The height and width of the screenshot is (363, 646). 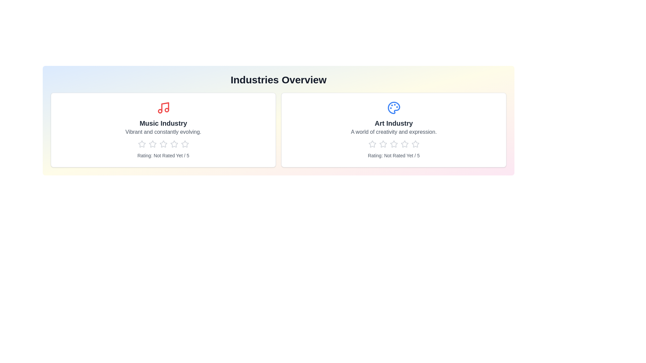 What do you see at coordinates (152, 144) in the screenshot?
I see `the star corresponding to 2 stars to preview the rating` at bounding box center [152, 144].